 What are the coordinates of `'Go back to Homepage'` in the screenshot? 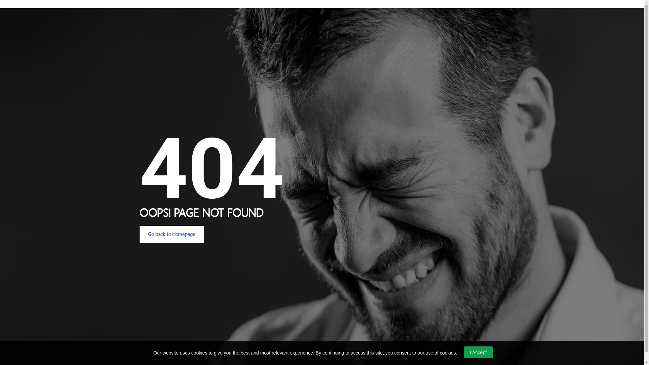 It's located at (171, 234).